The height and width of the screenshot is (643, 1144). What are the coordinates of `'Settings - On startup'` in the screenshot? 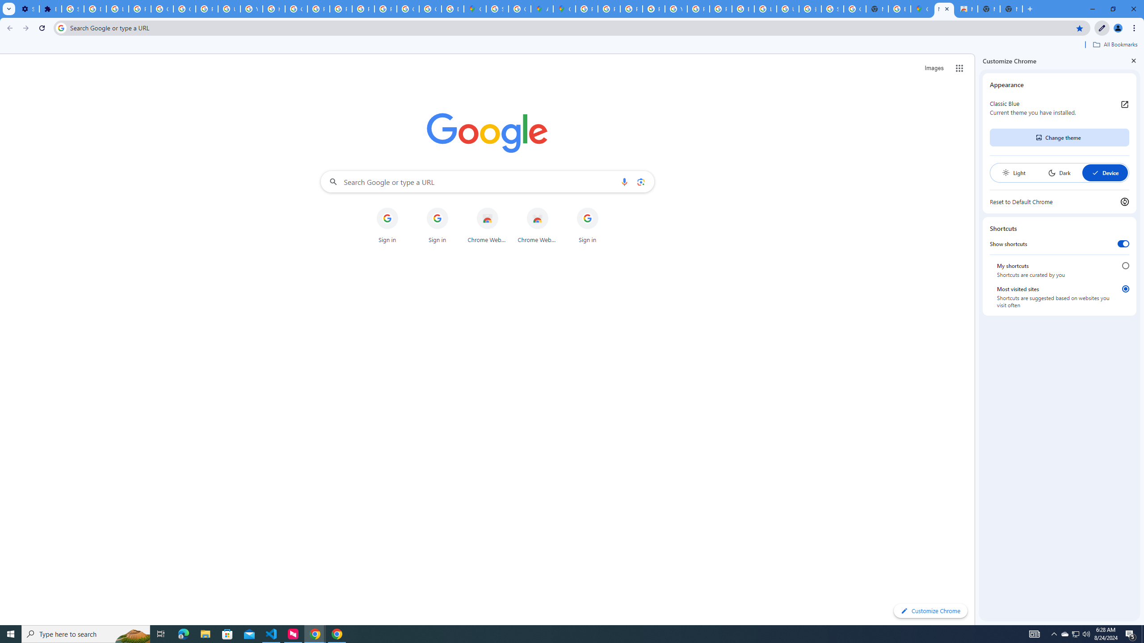 It's located at (27, 8).